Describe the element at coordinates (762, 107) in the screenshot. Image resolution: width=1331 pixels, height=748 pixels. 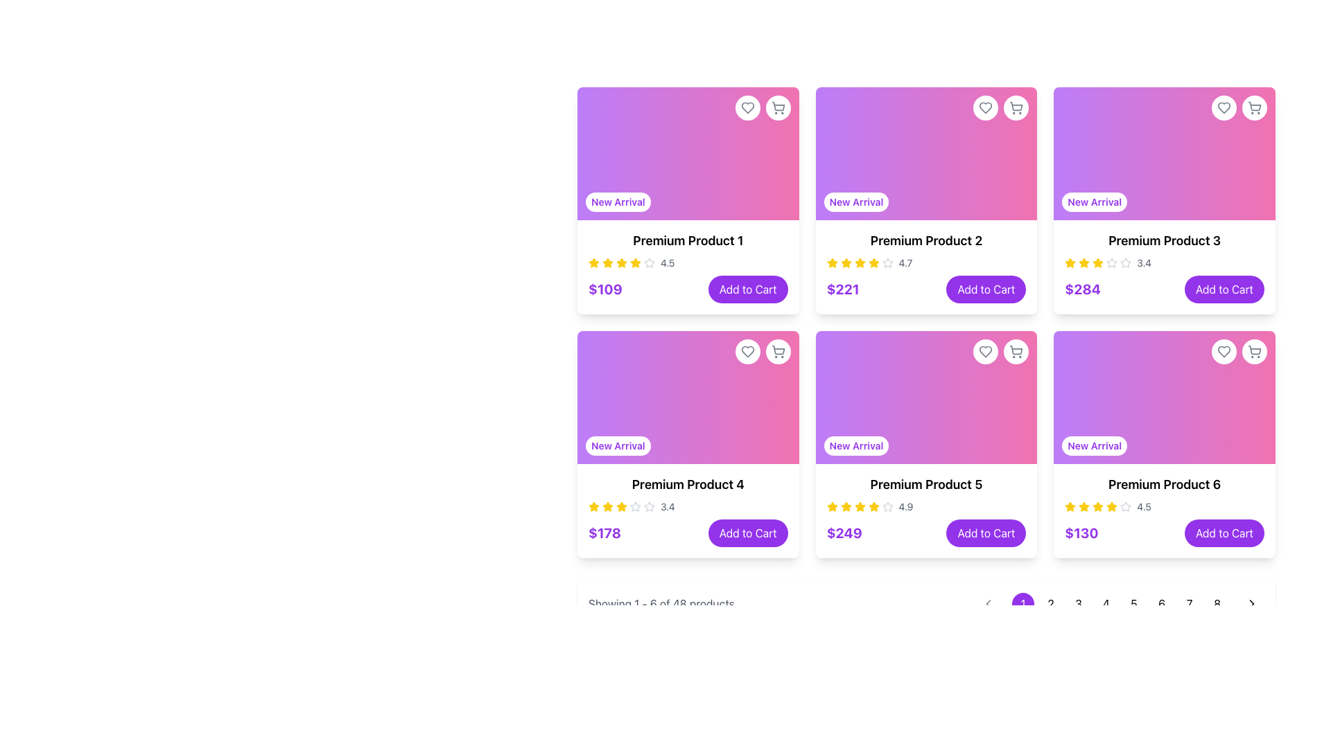
I see `the Interactive Icon Pair in the top right corner of the product card for 'Premium Product 1', which includes a heart icon for adding to wishlist and a cart icon for adding to shopping cart` at that location.